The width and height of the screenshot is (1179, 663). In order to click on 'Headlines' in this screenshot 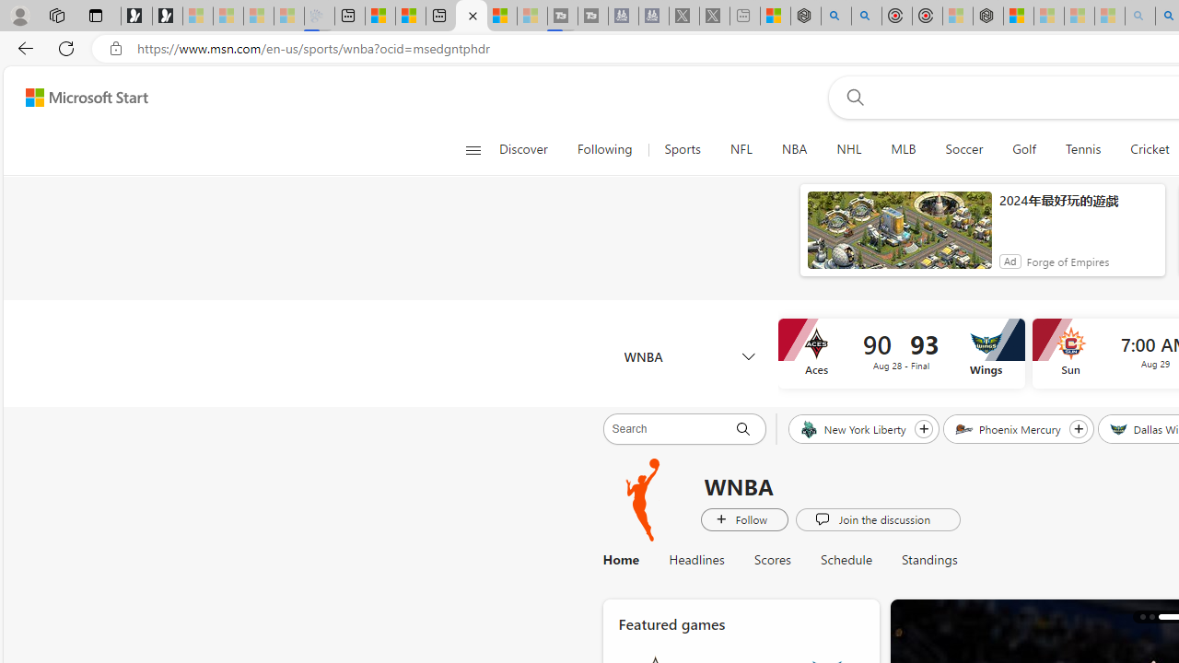, I will do `click(695, 559)`.